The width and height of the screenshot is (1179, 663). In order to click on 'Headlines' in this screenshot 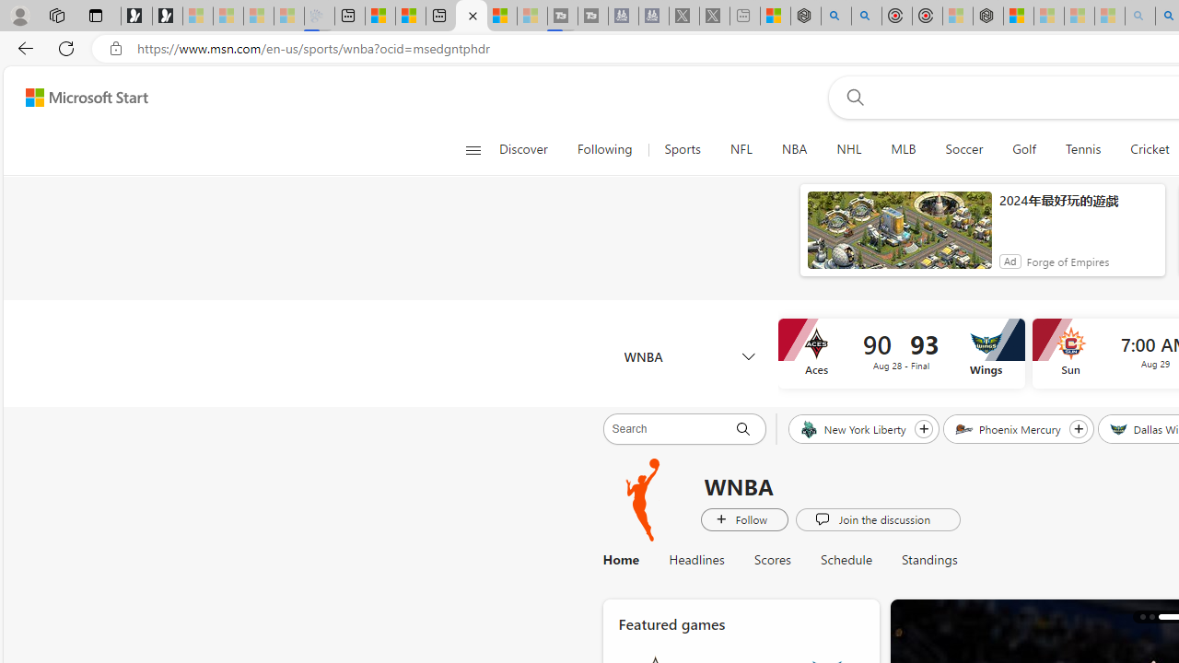, I will do `click(695, 559)`.